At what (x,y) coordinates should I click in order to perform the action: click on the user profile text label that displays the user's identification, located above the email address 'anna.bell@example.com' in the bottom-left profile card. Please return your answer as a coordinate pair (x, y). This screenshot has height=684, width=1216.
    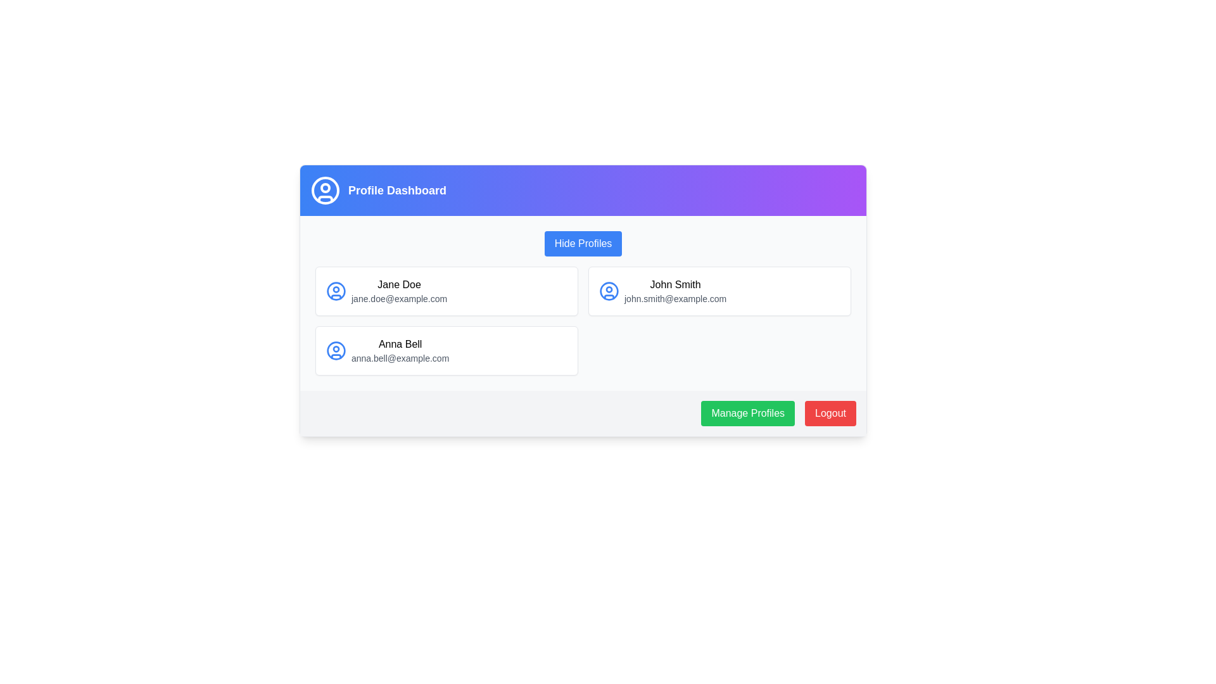
    Looking at the image, I should click on (400, 344).